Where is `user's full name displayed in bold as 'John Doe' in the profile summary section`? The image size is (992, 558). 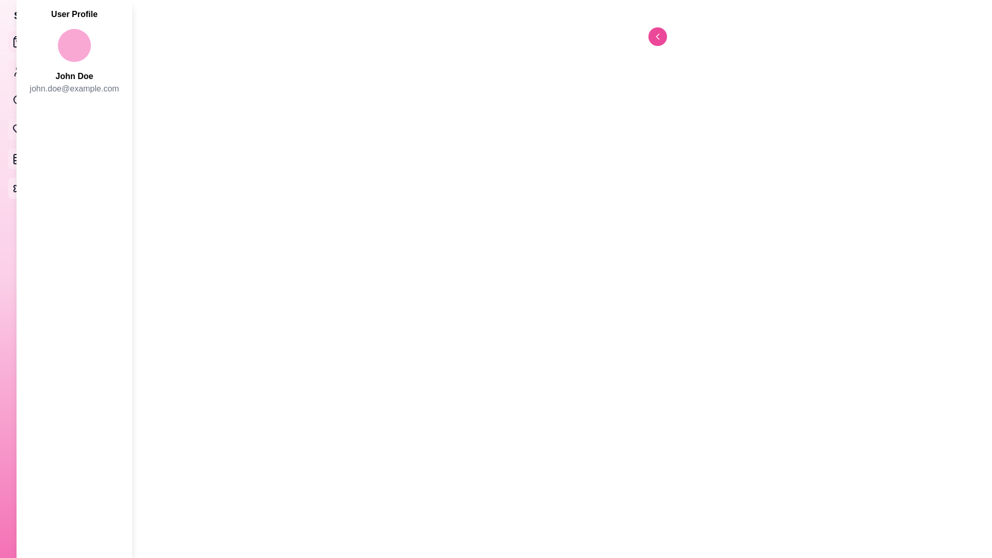 user's full name displayed in bold as 'John Doe' in the profile summary section is located at coordinates (74, 75).